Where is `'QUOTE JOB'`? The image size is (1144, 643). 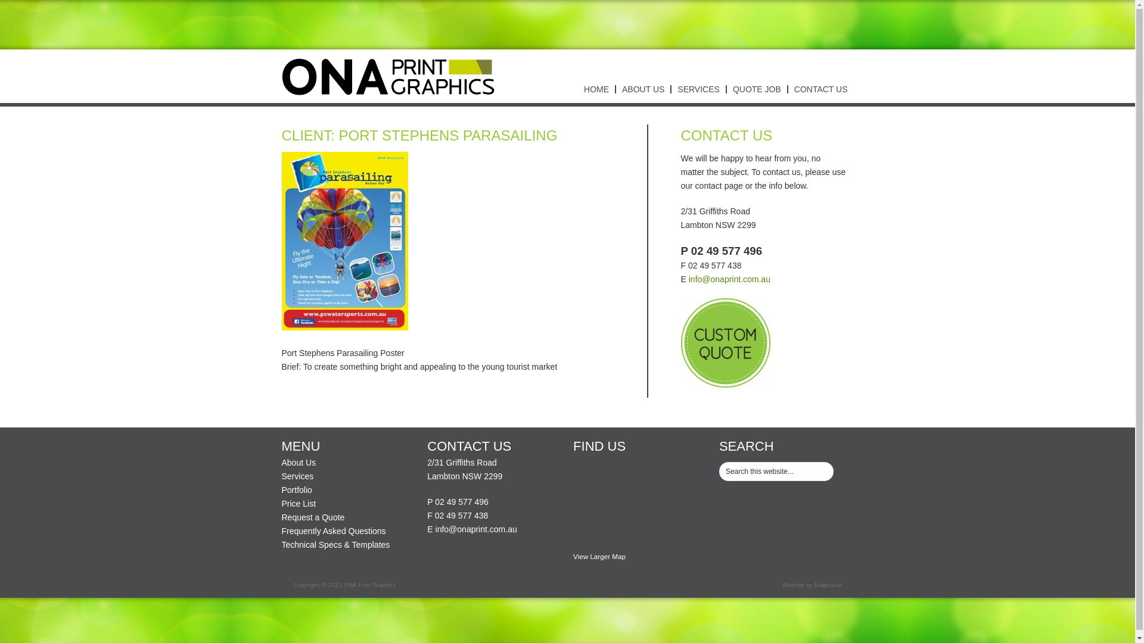 'QUOTE JOB' is located at coordinates (756, 89).